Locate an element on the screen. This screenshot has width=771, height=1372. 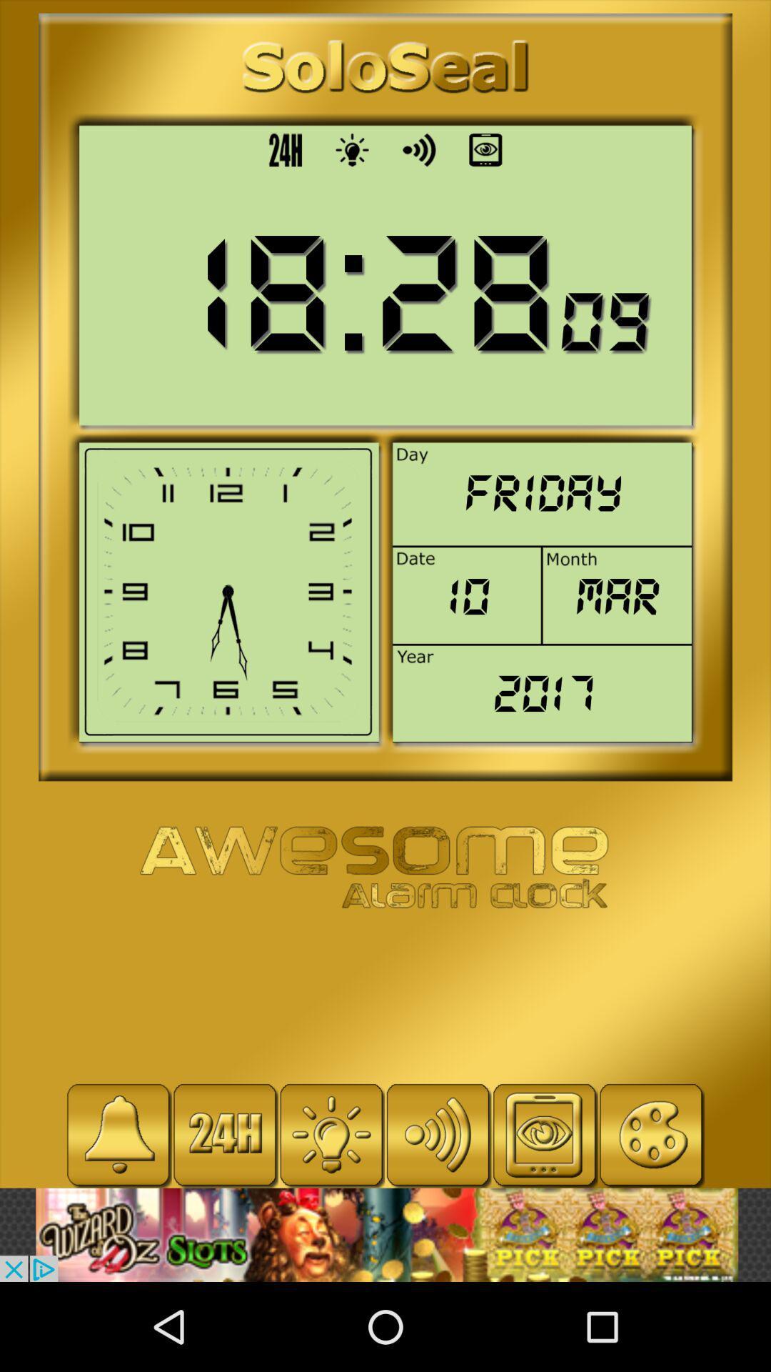
keep screen awake is located at coordinates (545, 1134).